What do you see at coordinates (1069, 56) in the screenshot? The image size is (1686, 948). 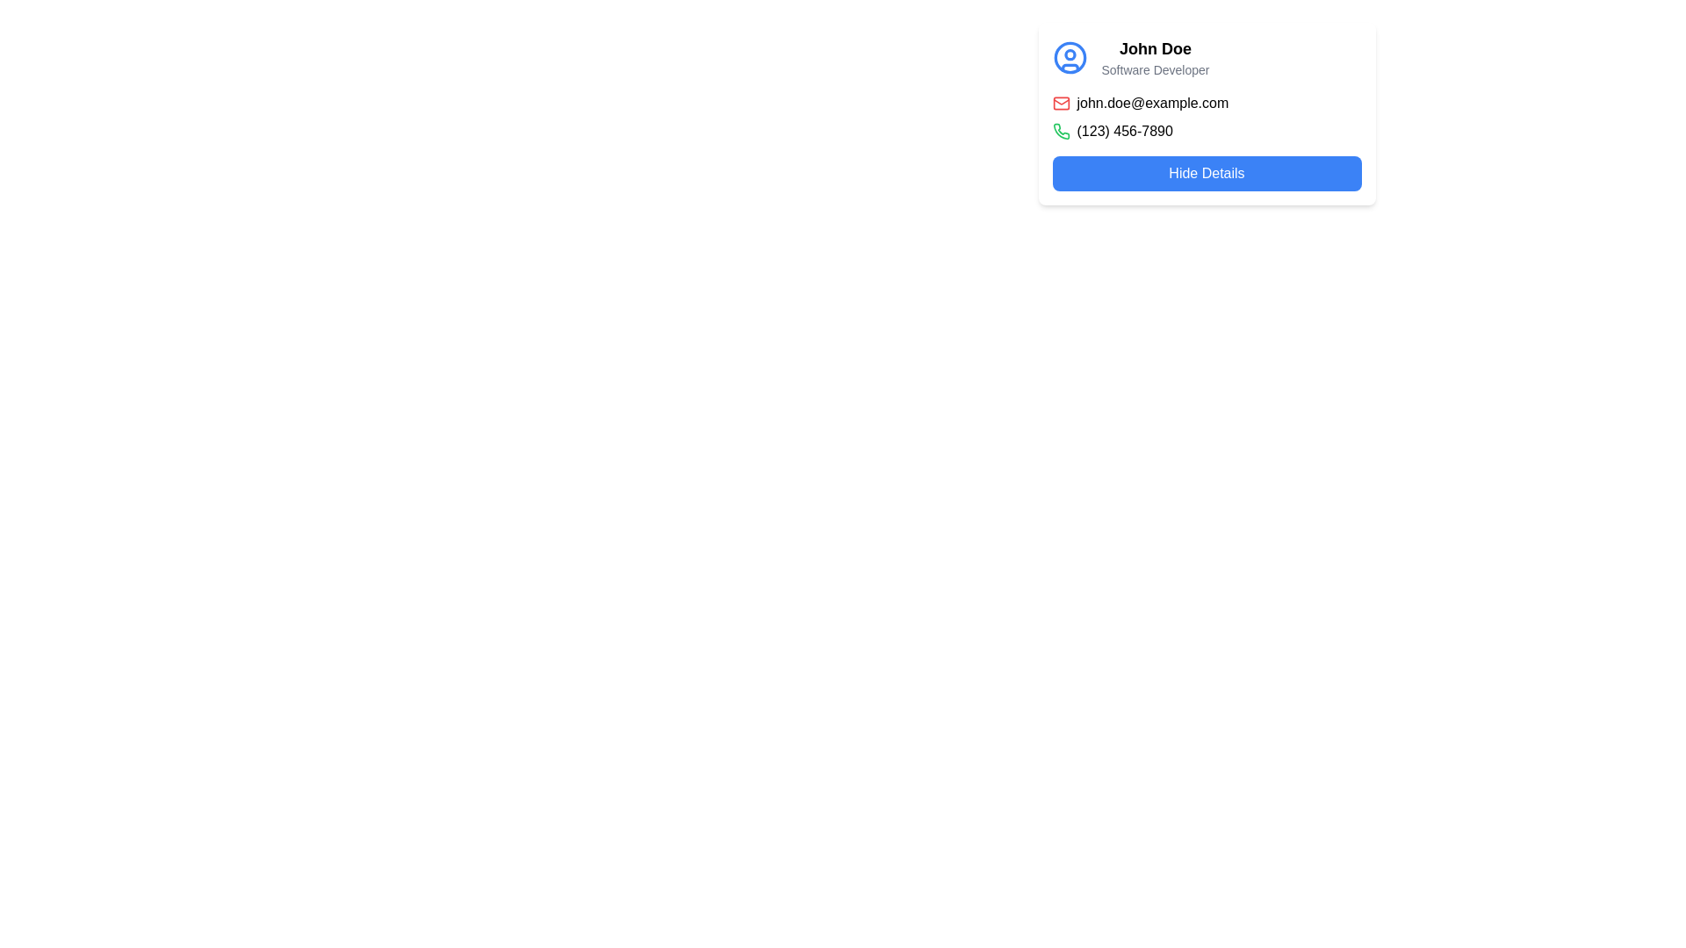 I see `the outer boundary circle of the user icon located at the top-left corner of the profile card beneath the 'John Doe' text` at bounding box center [1069, 56].